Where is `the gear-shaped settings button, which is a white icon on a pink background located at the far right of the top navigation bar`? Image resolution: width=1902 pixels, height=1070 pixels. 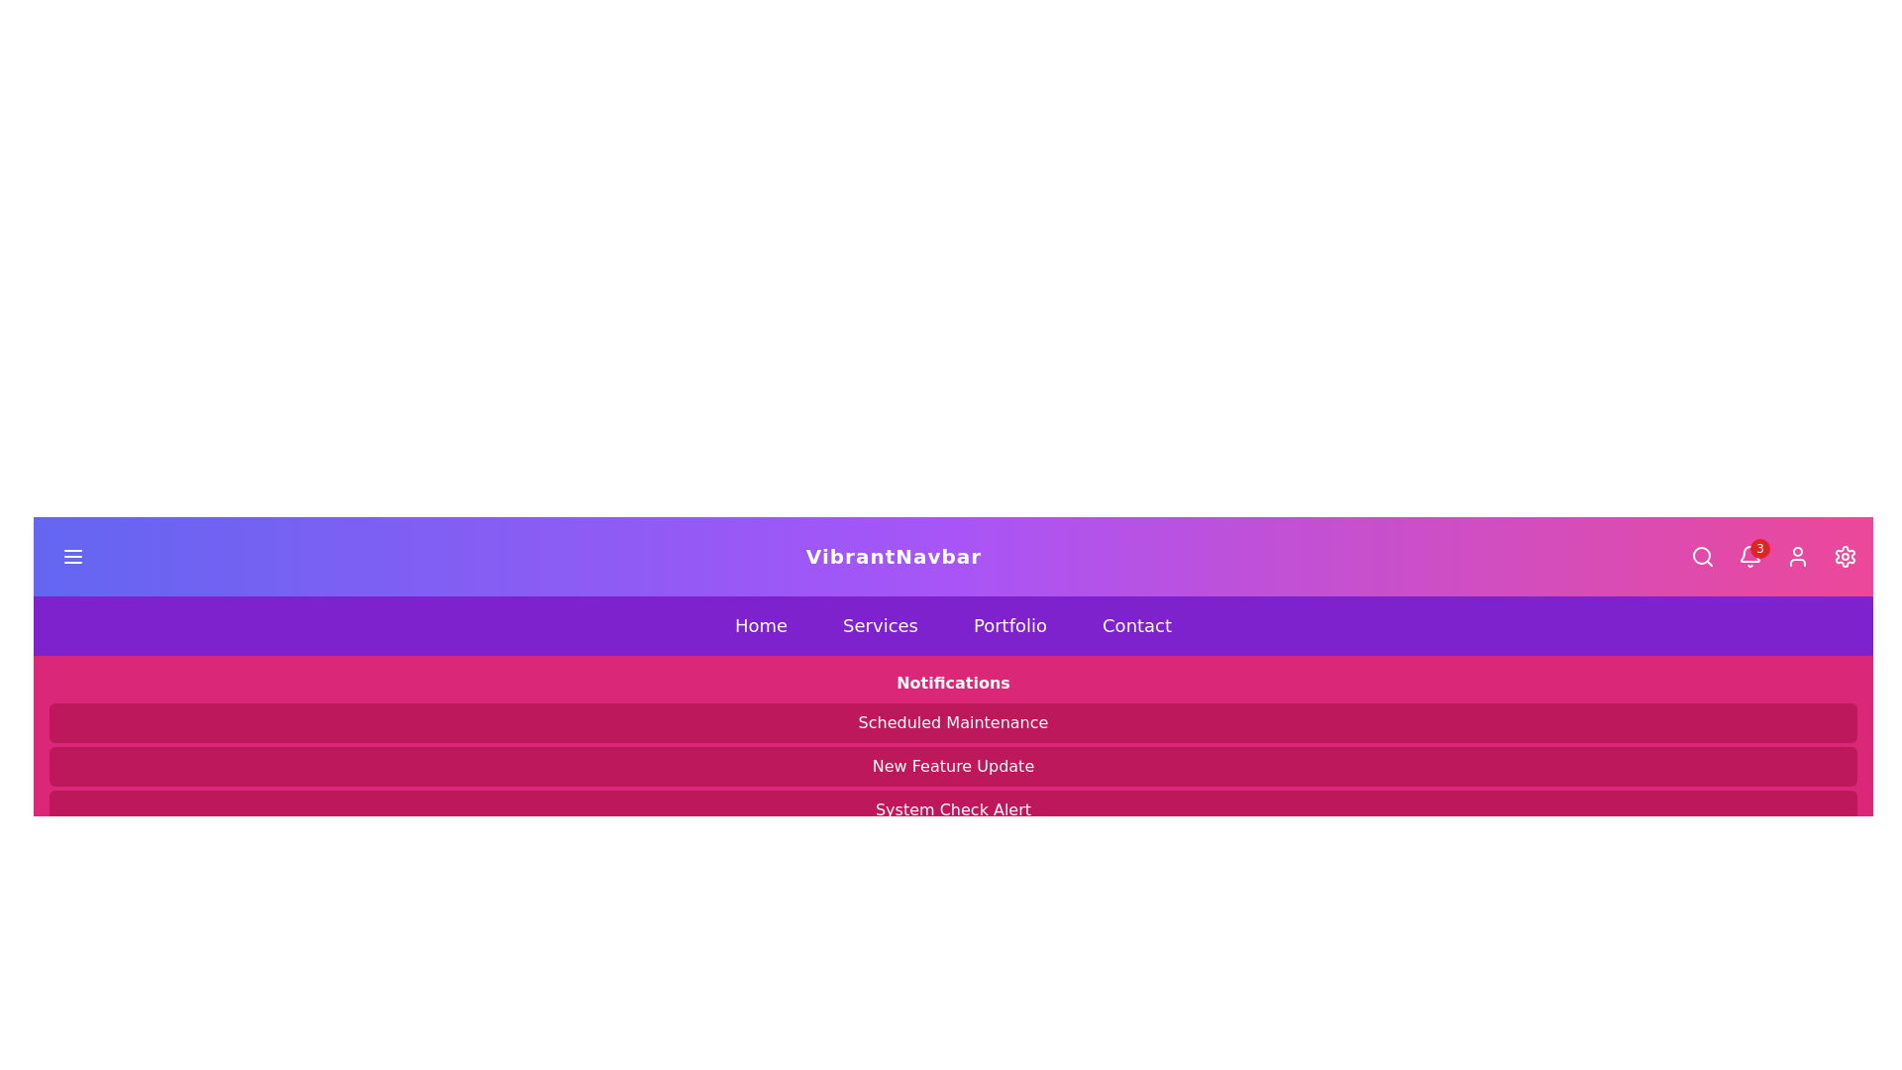 the gear-shaped settings button, which is a white icon on a pink background located at the far right of the top navigation bar is located at coordinates (1844, 557).